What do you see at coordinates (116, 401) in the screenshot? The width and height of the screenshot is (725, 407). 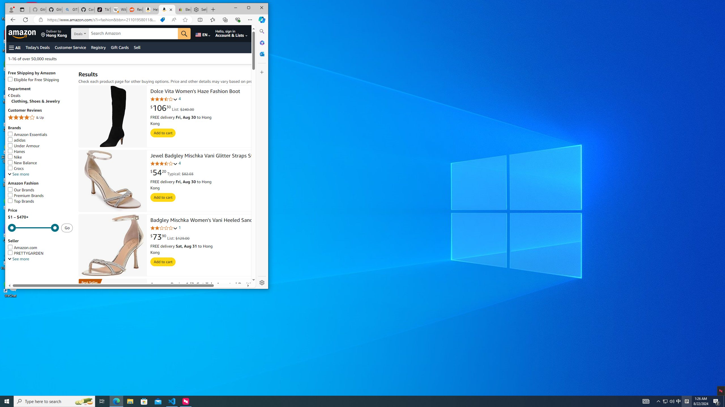 I see `'Microsoft Edge - 1 running window'` at bounding box center [116, 401].